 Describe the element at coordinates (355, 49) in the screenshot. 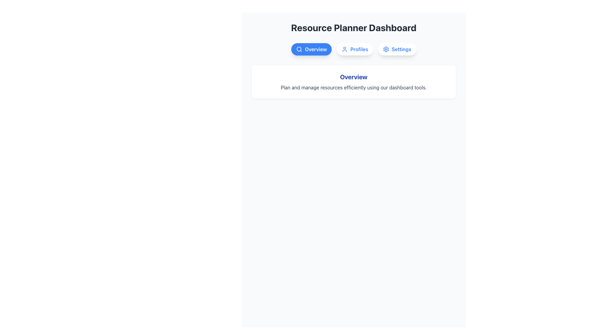

I see `the 'Profiles' button, which is a horizontally-aligned rectangular button with rounded corners, white background, and blue text positioned between the 'Overview' and 'Settings' buttons` at that location.